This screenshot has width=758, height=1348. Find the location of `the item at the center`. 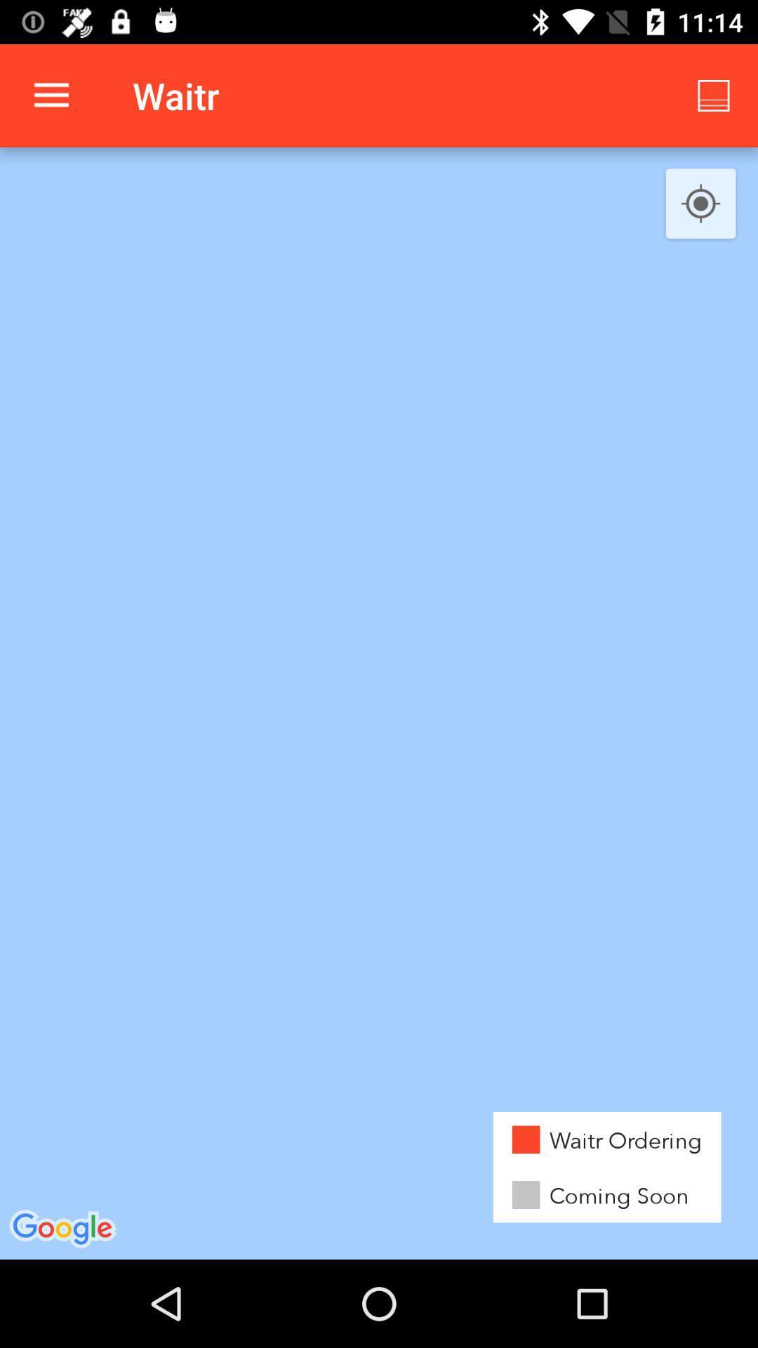

the item at the center is located at coordinates (379, 703).